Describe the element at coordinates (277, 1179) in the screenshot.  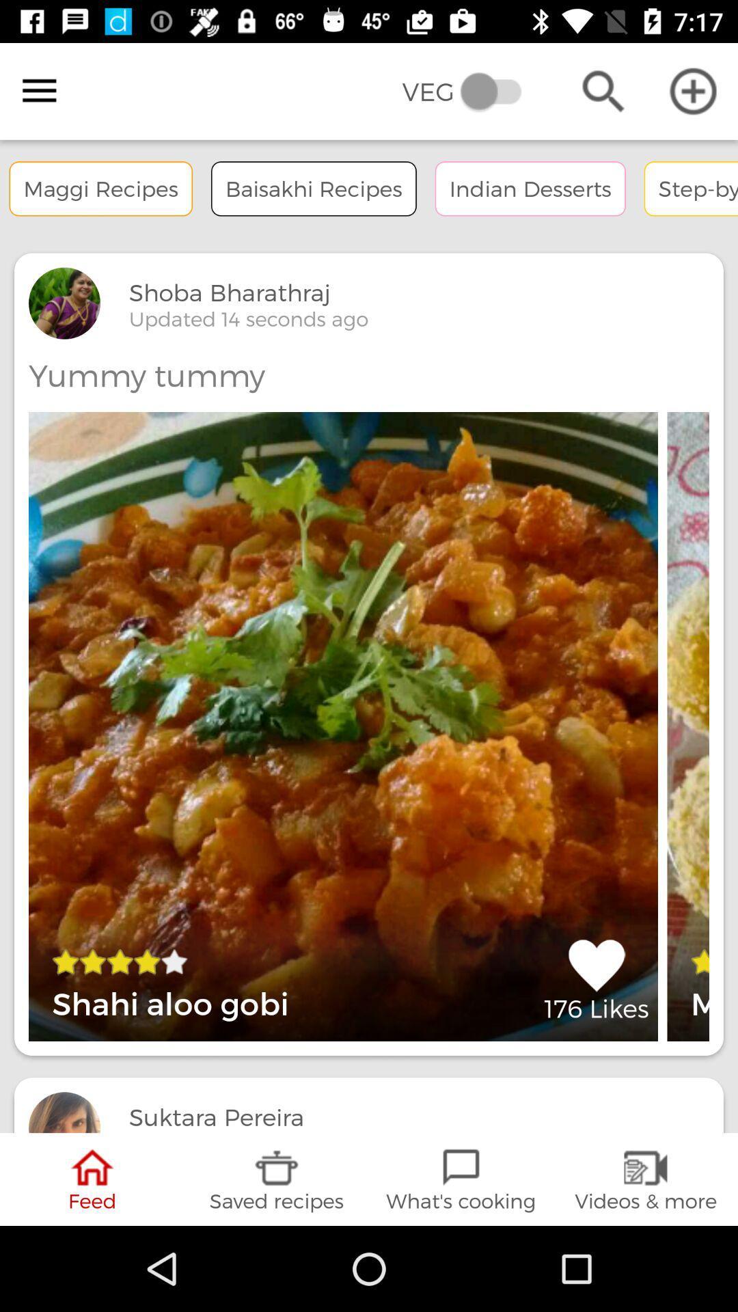
I see `the item below updated 15 seconds icon` at that location.